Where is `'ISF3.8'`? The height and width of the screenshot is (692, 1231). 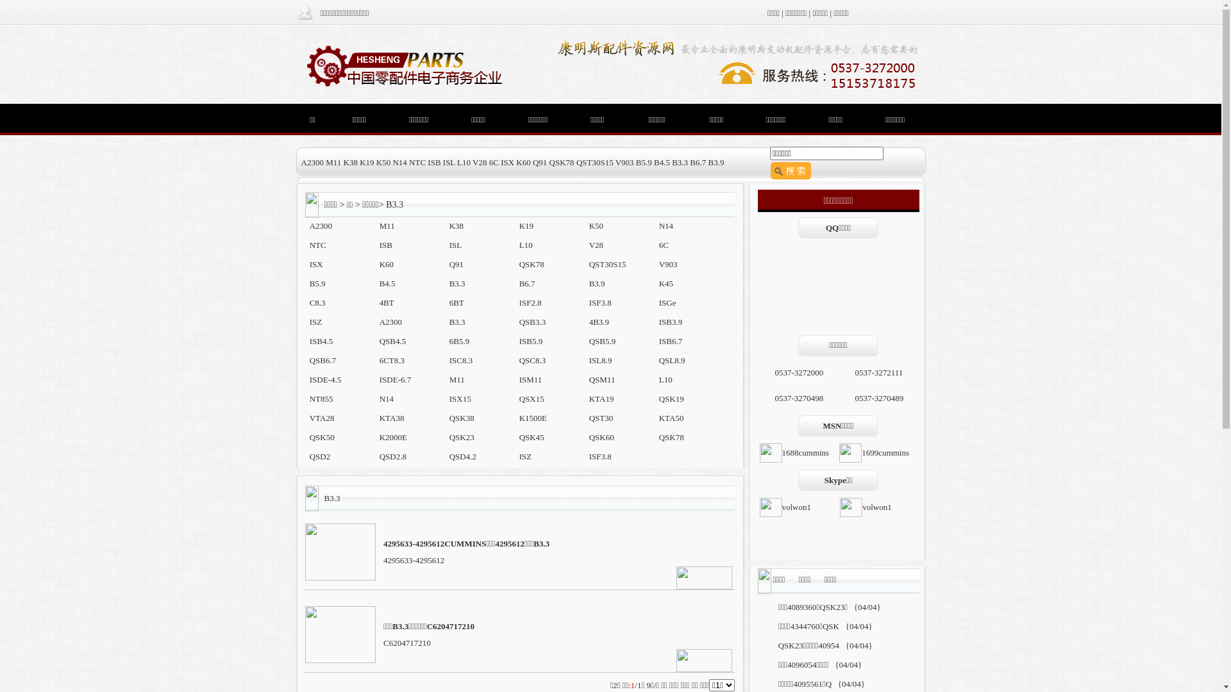 'ISF3.8' is located at coordinates (599, 456).